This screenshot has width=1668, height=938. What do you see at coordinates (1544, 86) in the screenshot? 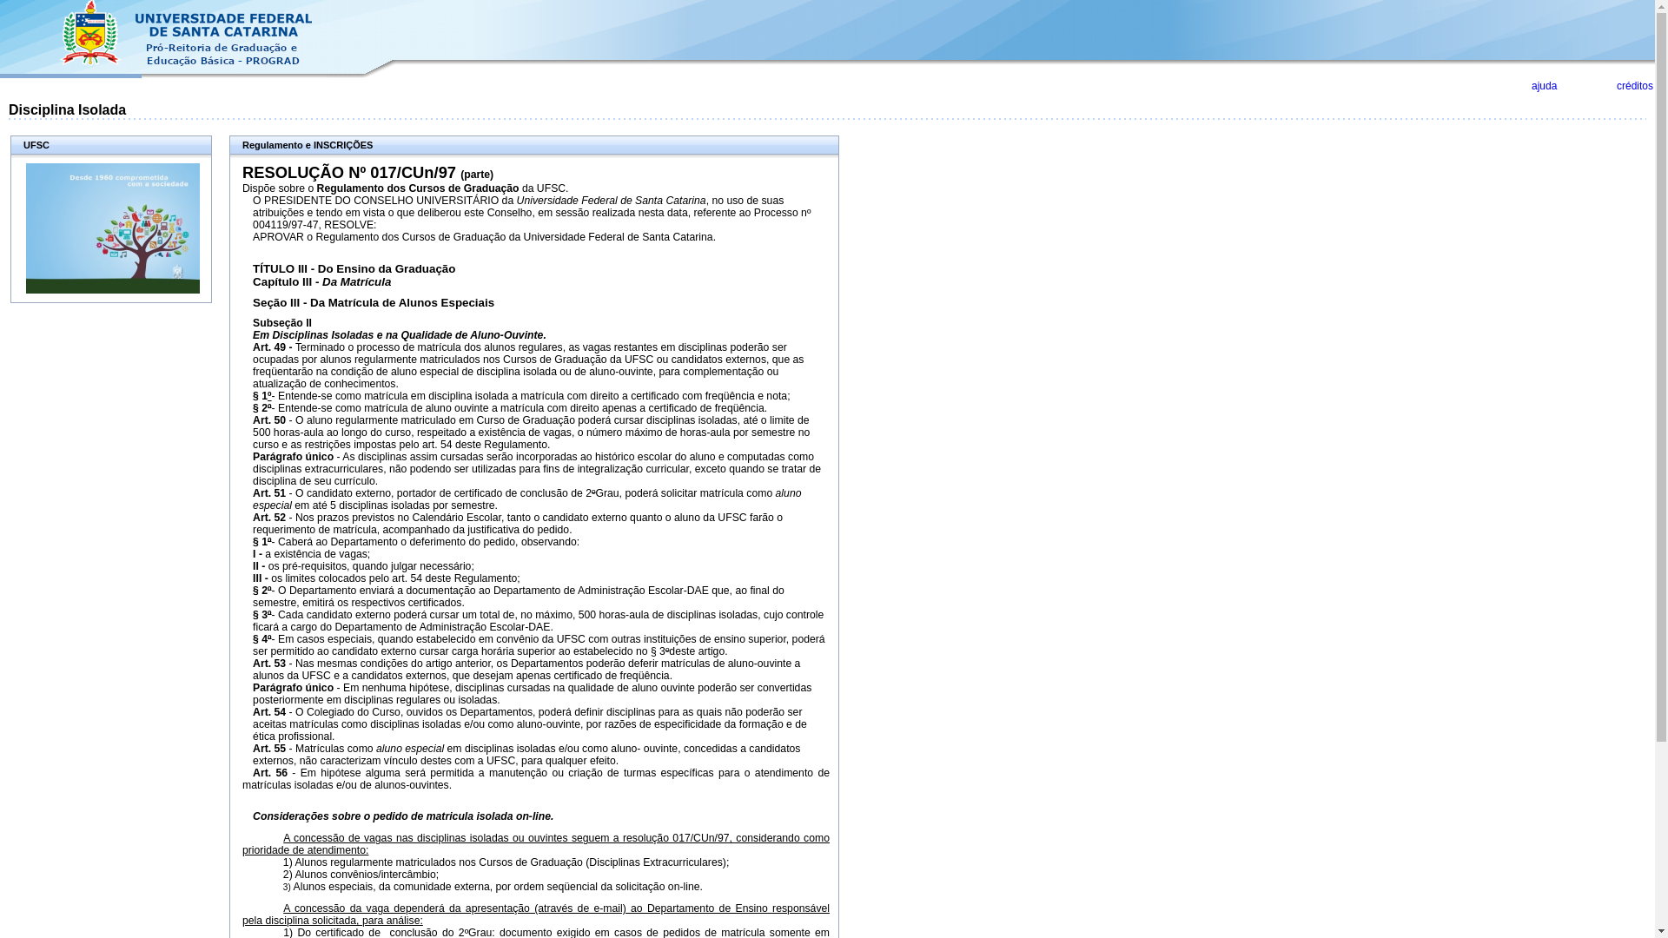
I see `'ajuda'` at bounding box center [1544, 86].